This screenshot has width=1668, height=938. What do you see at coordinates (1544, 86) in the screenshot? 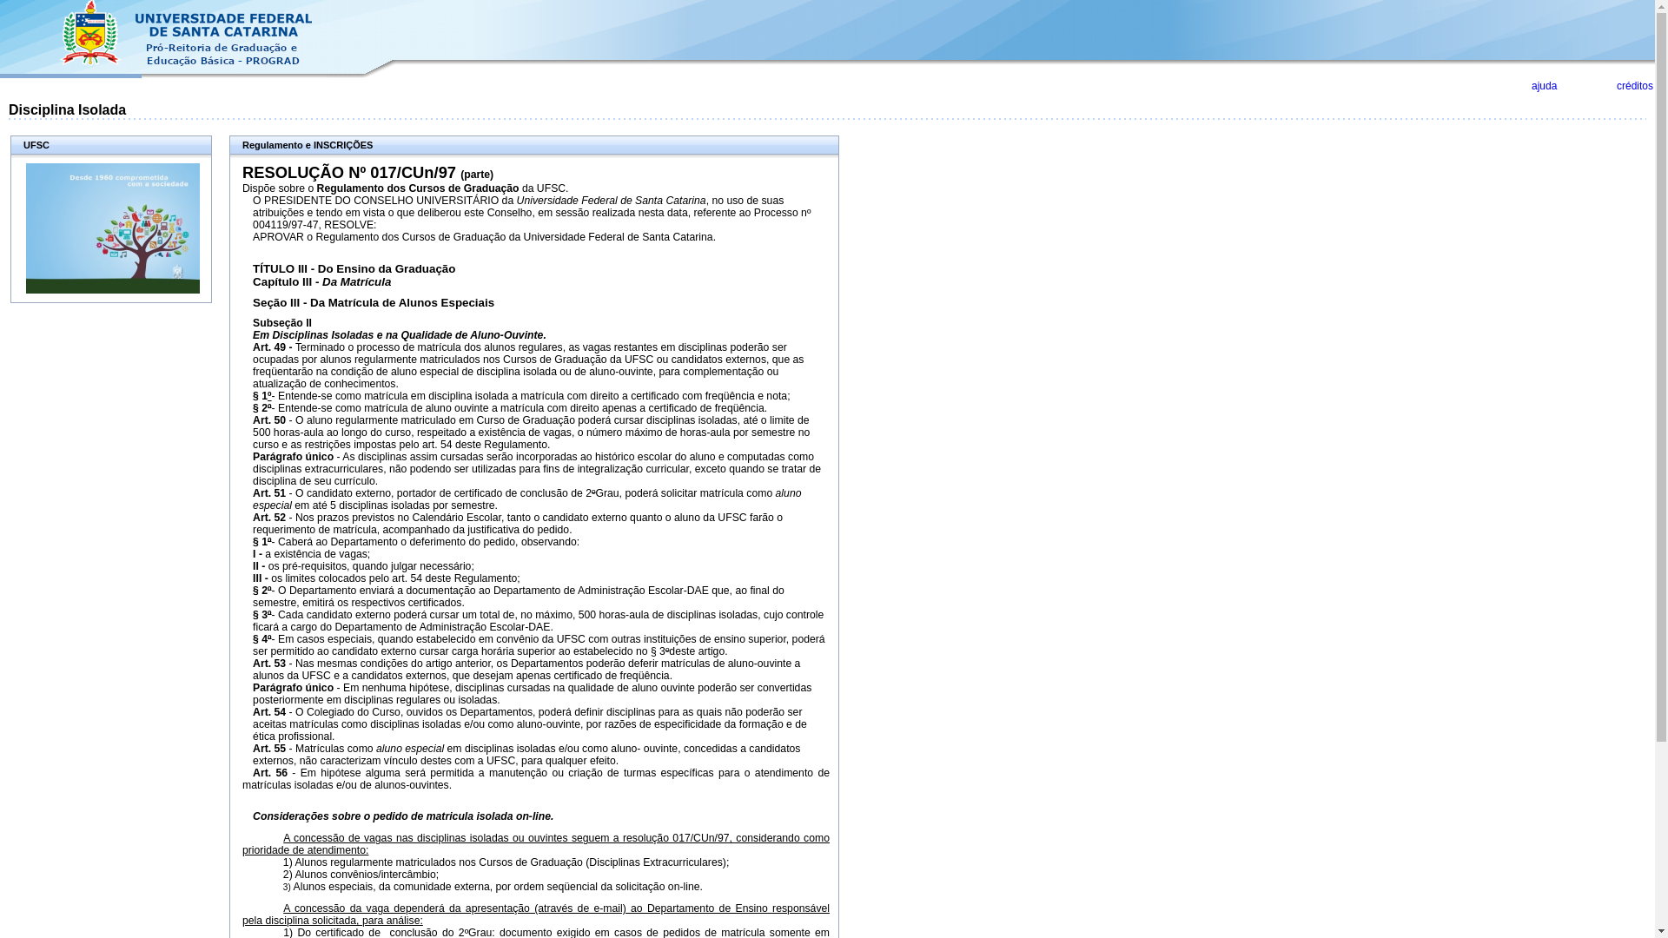
I see `'ajuda'` at bounding box center [1544, 86].